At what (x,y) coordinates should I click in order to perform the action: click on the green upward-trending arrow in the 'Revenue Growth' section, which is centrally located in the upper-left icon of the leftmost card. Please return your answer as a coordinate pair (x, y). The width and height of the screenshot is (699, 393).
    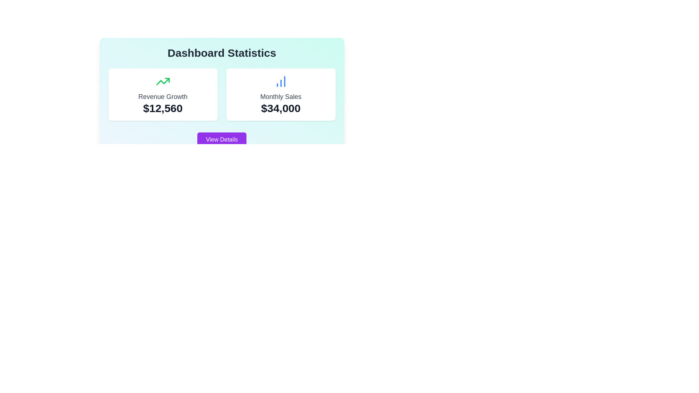
    Looking at the image, I should click on (162, 81).